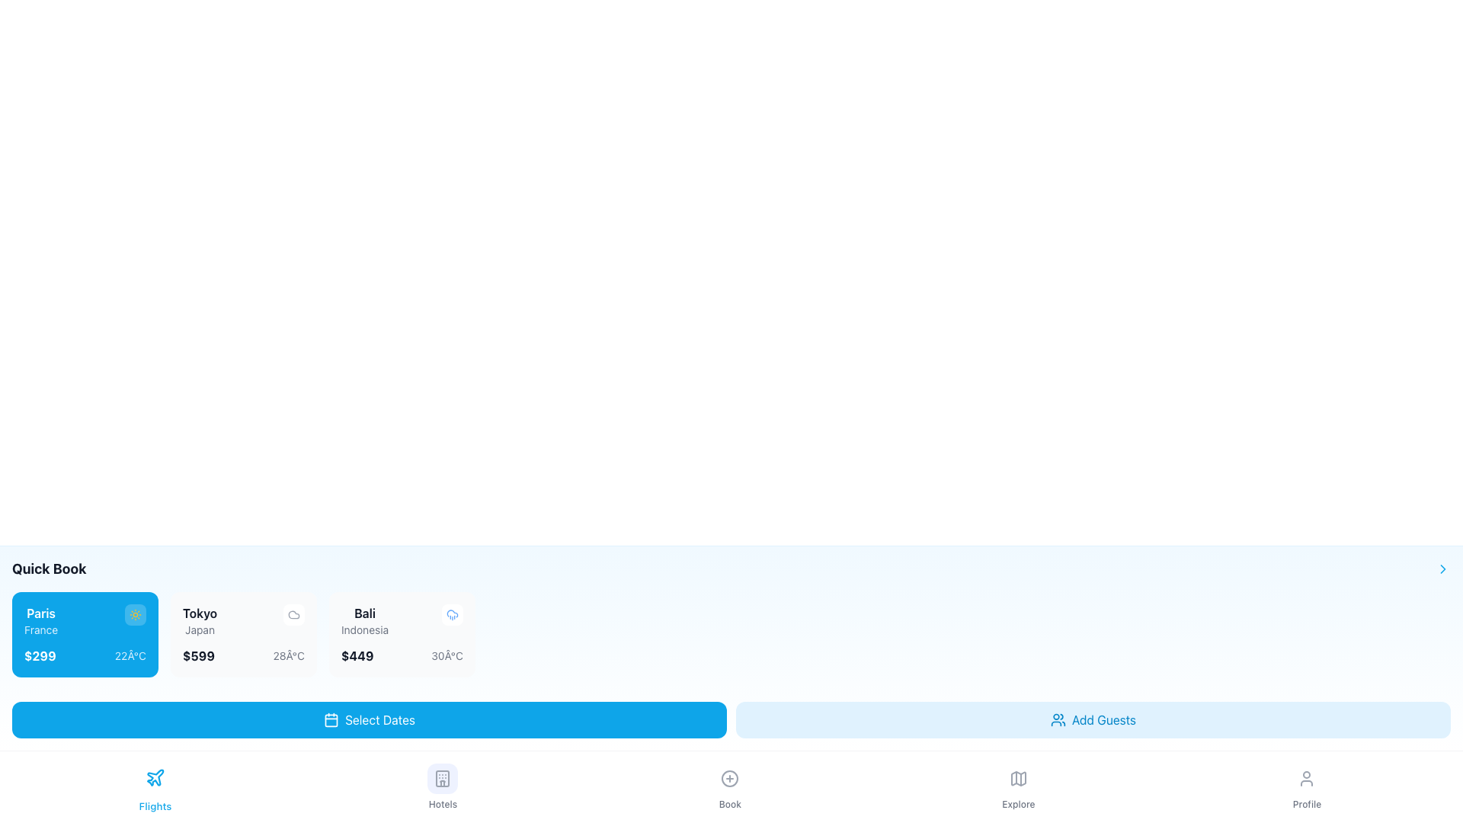  I want to click on the interactive navigation icon located in the bottom navigation bar, which is the third element from the left, so click(1018, 779).